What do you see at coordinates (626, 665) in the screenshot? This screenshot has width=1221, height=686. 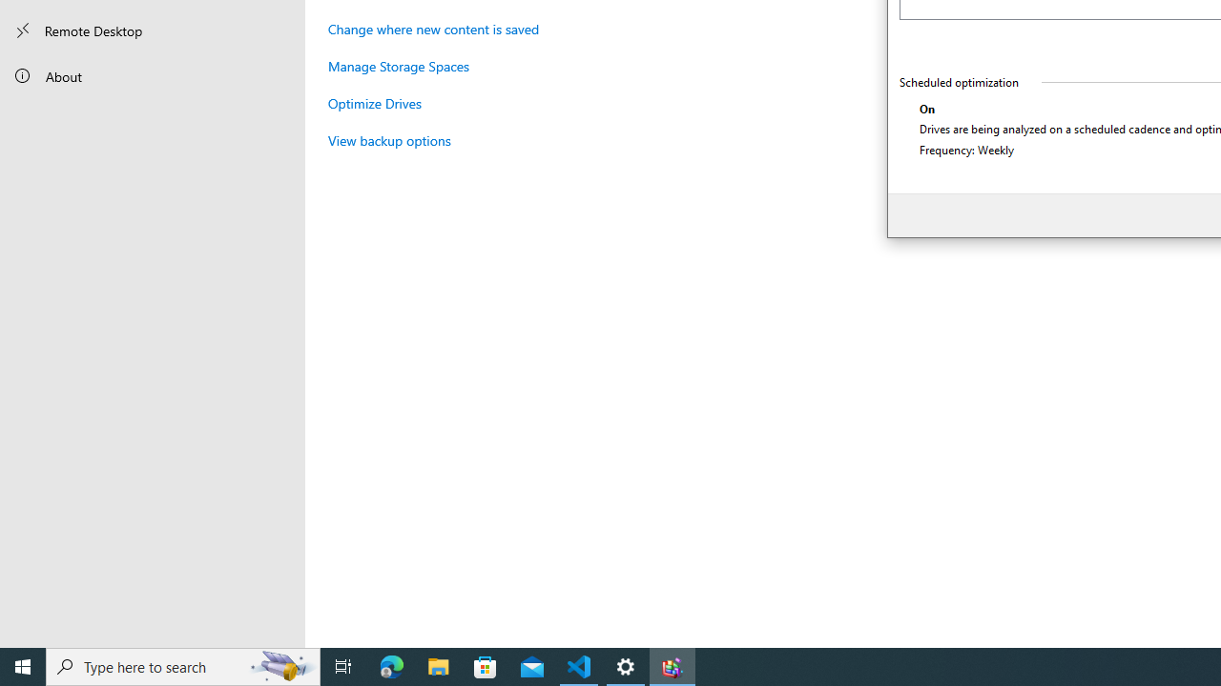 I see `'Settings - 1 running window'` at bounding box center [626, 665].